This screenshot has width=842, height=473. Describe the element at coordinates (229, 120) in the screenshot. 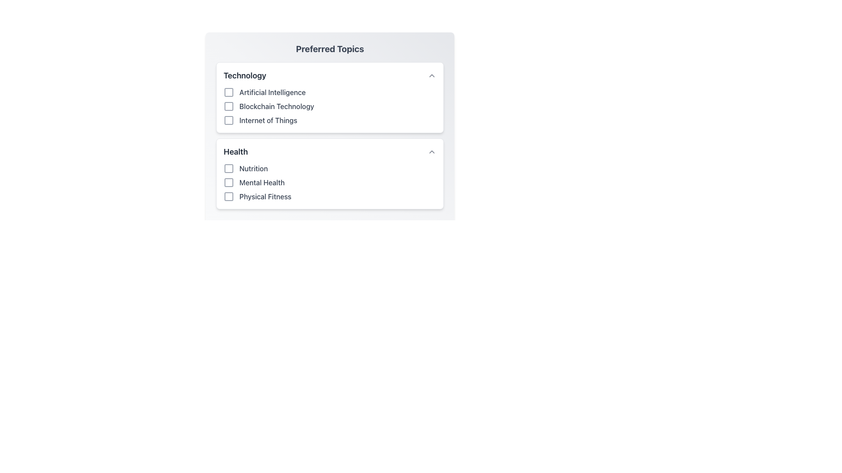

I see `the checkbox located in the 'Technology' section, adjacent to the 'Internet of Things' label` at that location.